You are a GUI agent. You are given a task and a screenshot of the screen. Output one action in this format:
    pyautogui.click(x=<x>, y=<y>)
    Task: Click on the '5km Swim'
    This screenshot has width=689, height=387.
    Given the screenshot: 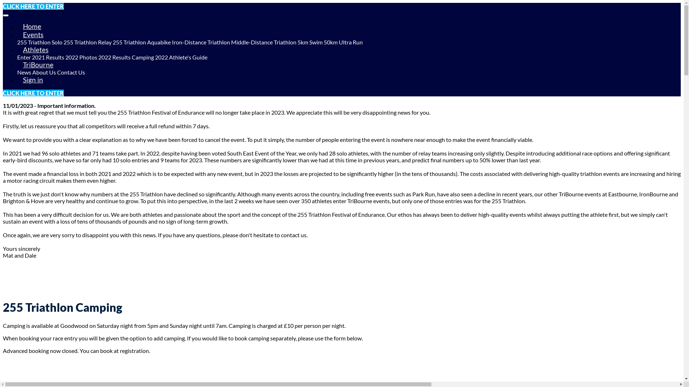 What is the action you would take?
    pyautogui.click(x=310, y=42)
    